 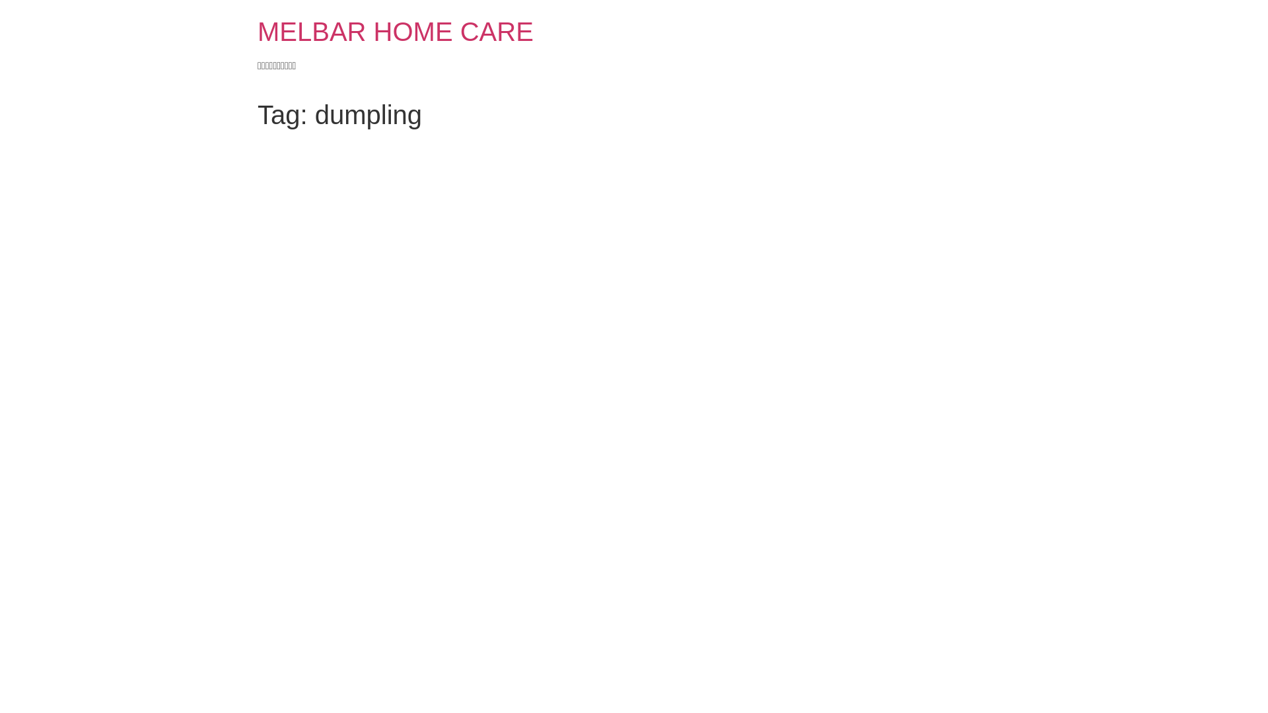 What do you see at coordinates (395, 30) in the screenshot?
I see `'MELBAR HOME CARE'` at bounding box center [395, 30].